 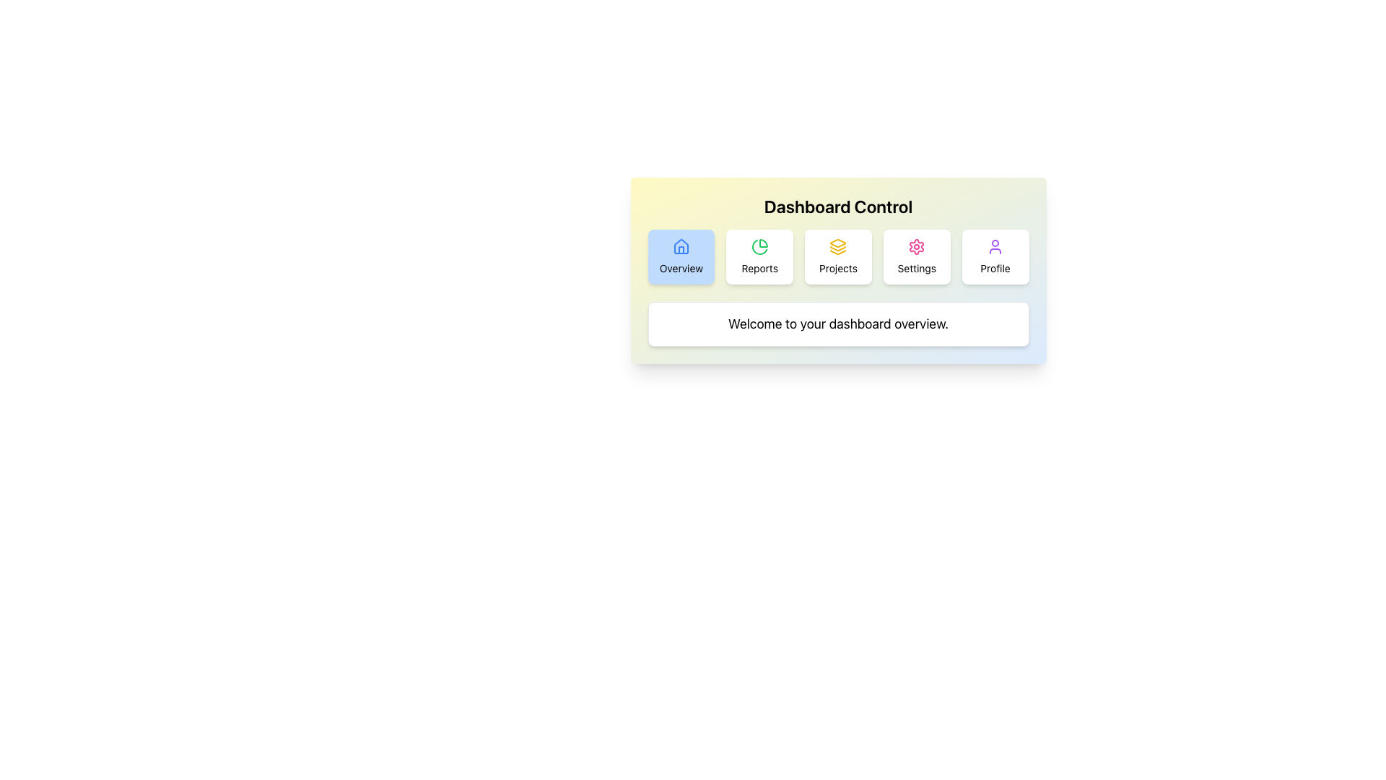 I want to click on the cogwheel icon embedded within the 'Settings' button, which is the fourth button from the left in the horizontal row below 'Dashboard Control', so click(x=916, y=246).